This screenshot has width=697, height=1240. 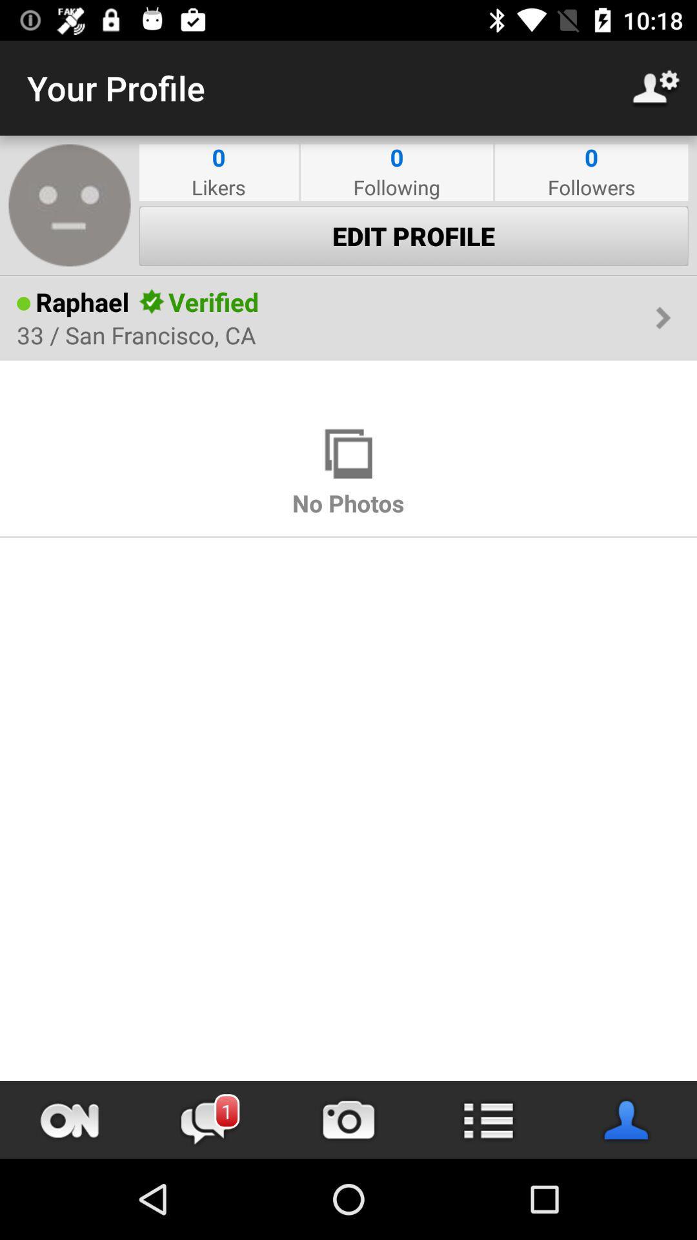 I want to click on the avatar icon, so click(x=627, y=1119).